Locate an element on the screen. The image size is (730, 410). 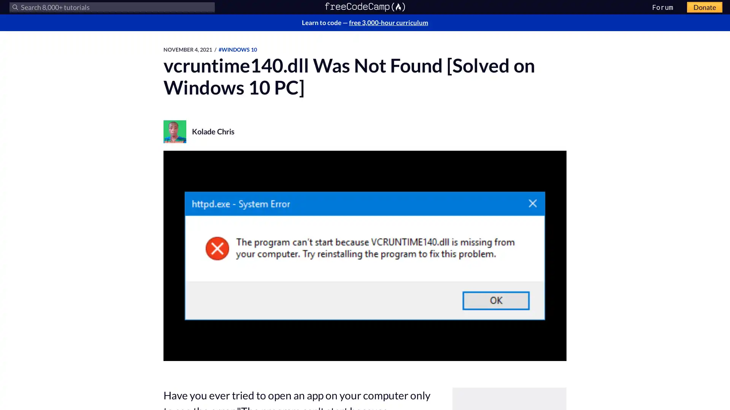
Submit your search query is located at coordinates (15, 7).